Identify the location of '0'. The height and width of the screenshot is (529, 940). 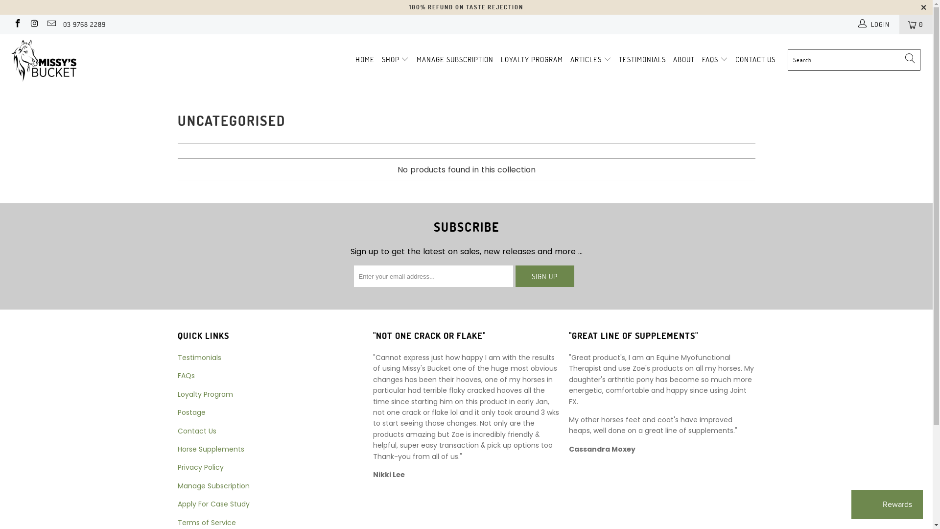
(916, 24).